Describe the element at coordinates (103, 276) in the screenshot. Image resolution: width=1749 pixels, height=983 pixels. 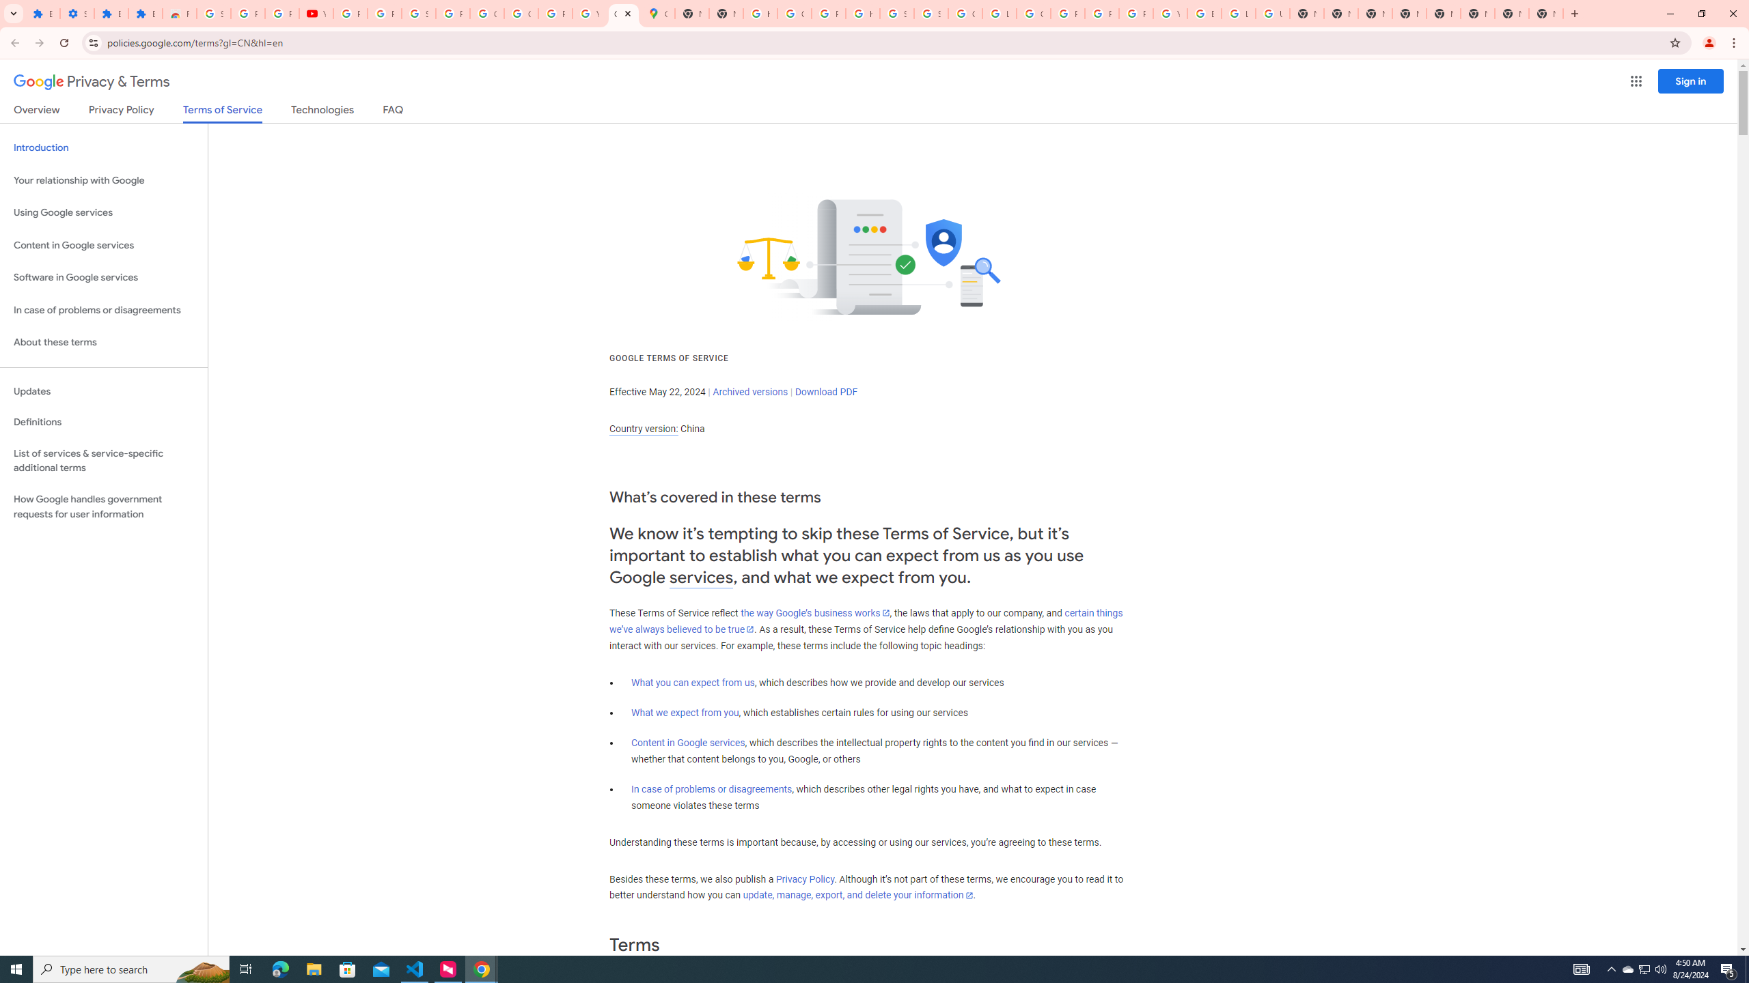
I see `'Software in Google services'` at that location.